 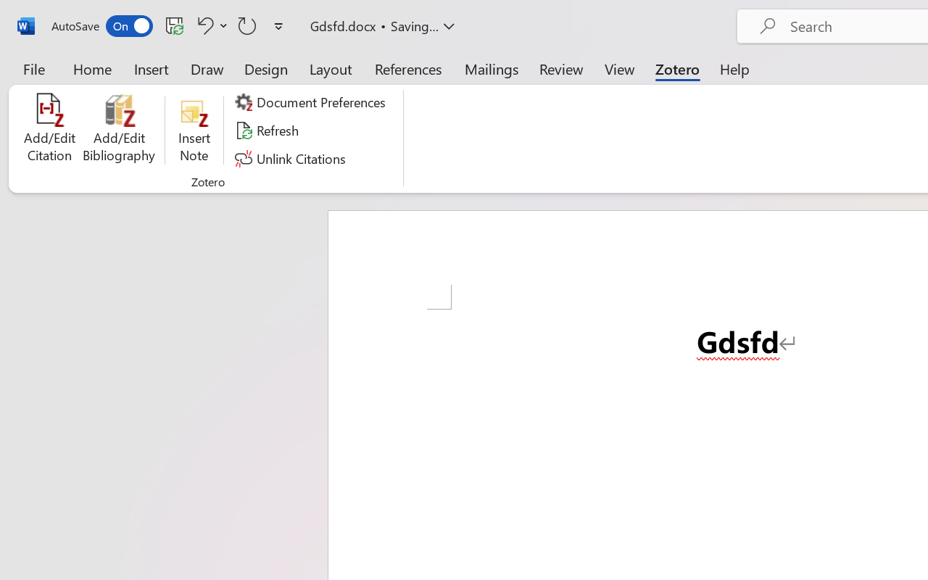 What do you see at coordinates (247, 25) in the screenshot?
I see `'Repeat Style'` at bounding box center [247, 25].